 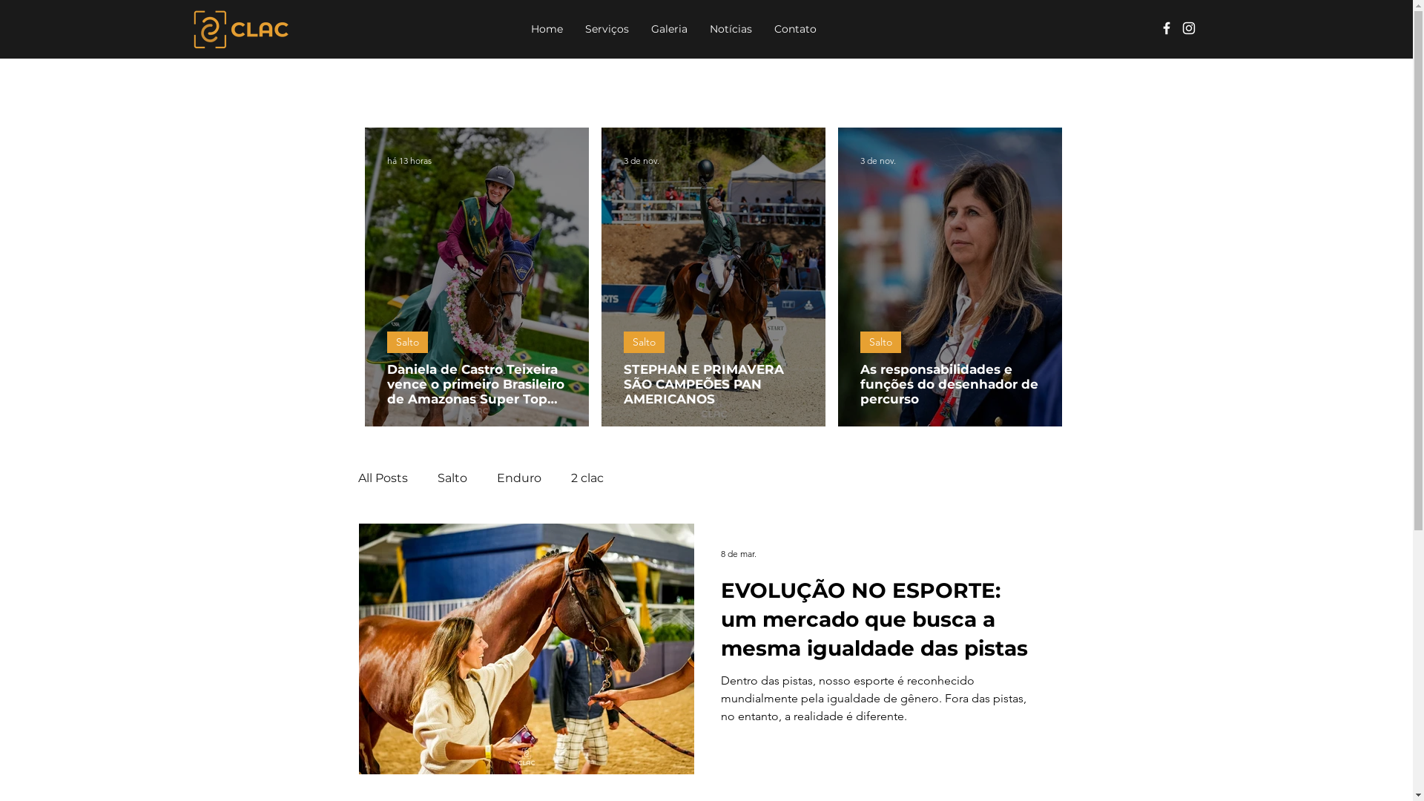 I want to click on 'Home', so click(x=546, y=29).